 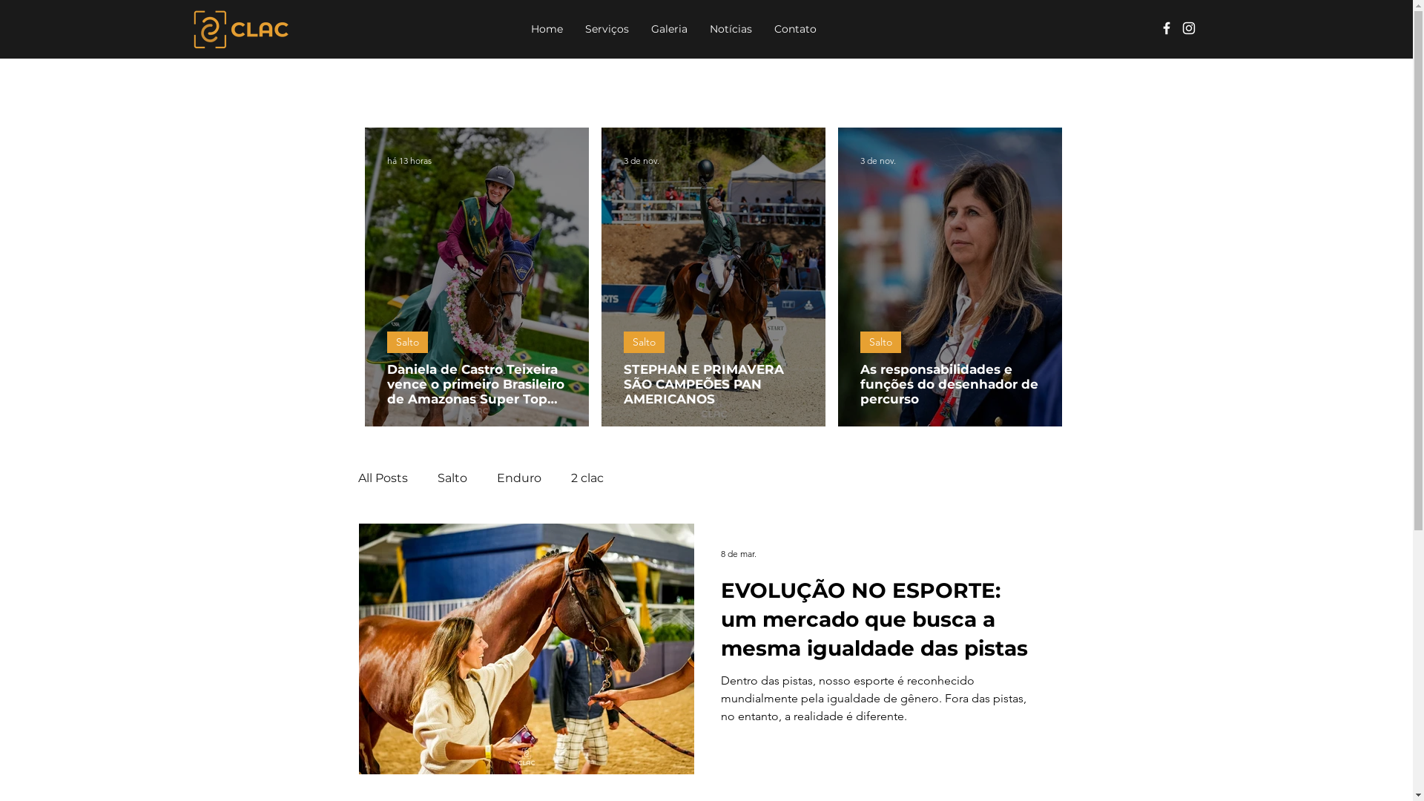 I want to click on 'Home', so click(x=546, y=29).